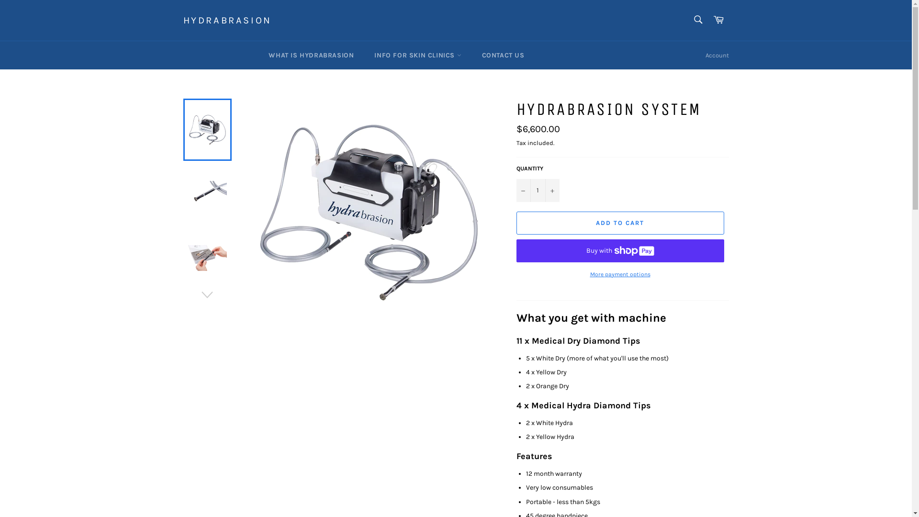 The image size is (919, 517). Describe the element at coordinates (717, 55) in the screenshot. I see `'Account'` at that location.